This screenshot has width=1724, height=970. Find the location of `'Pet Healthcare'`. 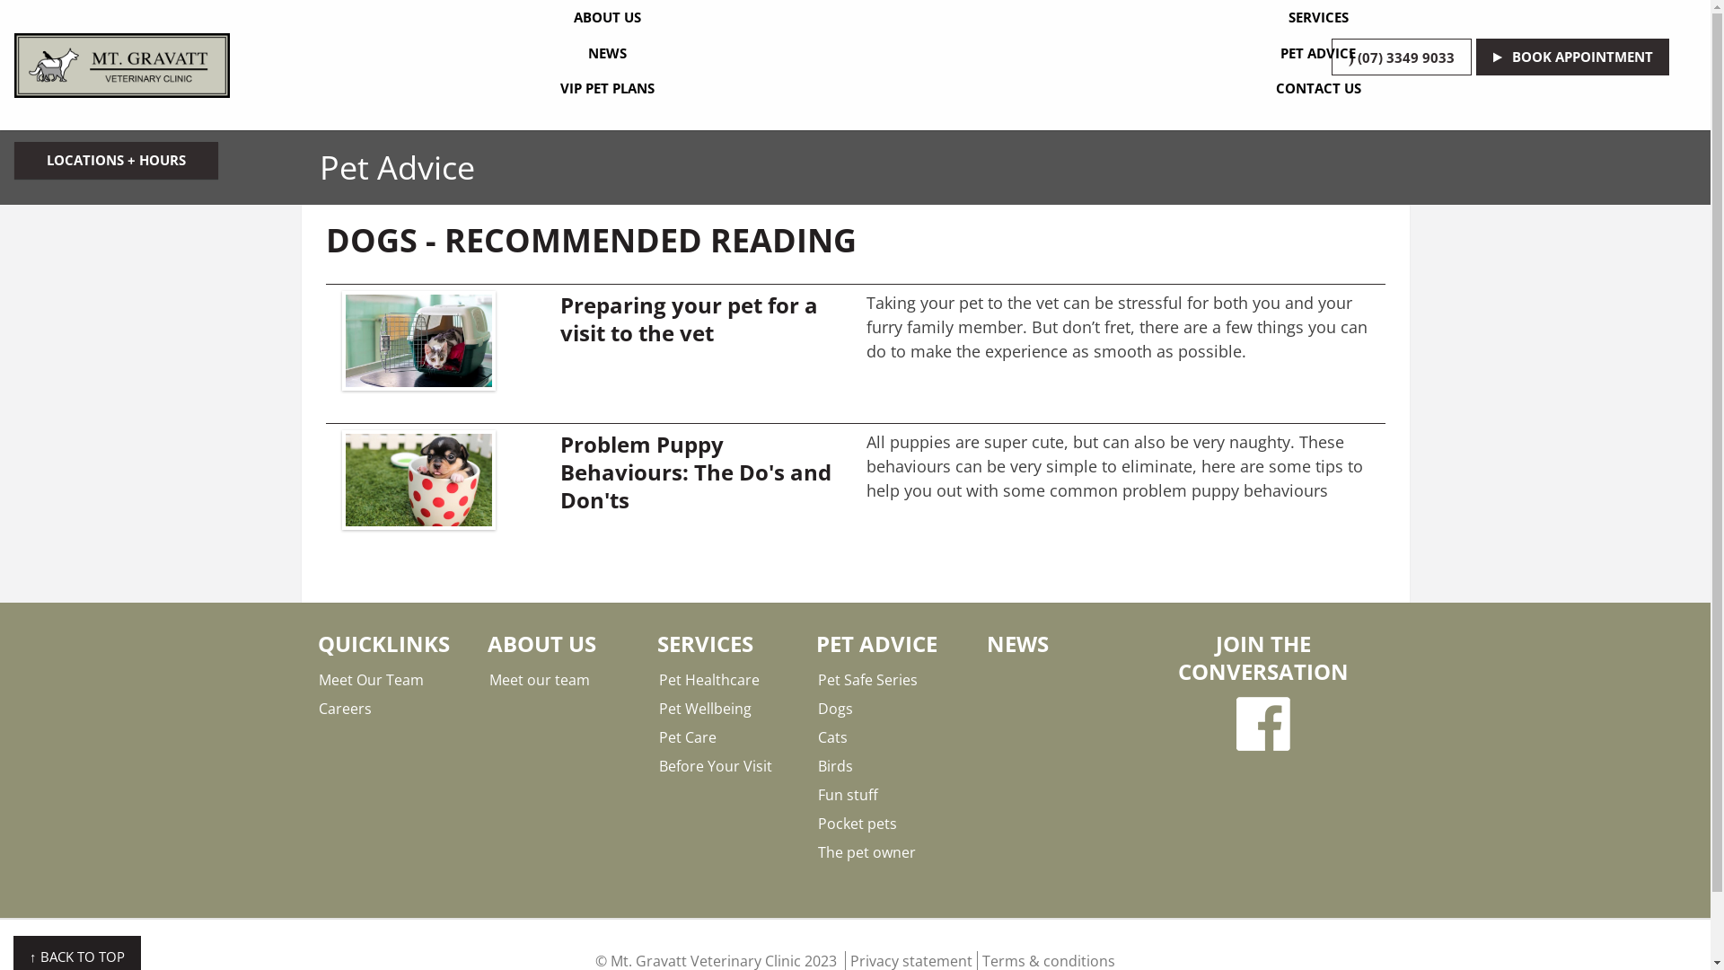

'Pet Healthcare' is located at coordinates (658, 679).